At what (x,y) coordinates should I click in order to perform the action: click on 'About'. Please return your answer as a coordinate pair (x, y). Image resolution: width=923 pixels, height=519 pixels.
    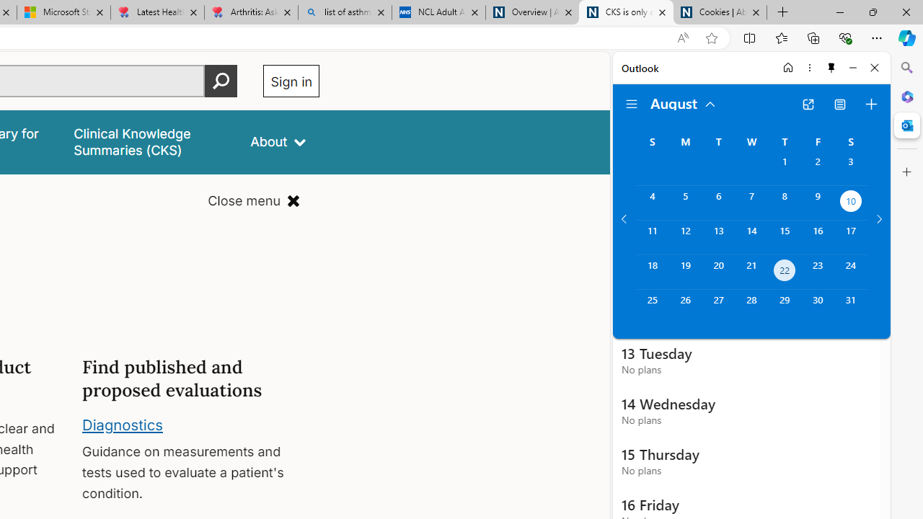
    Looking at the image, I should click on (278, 142).